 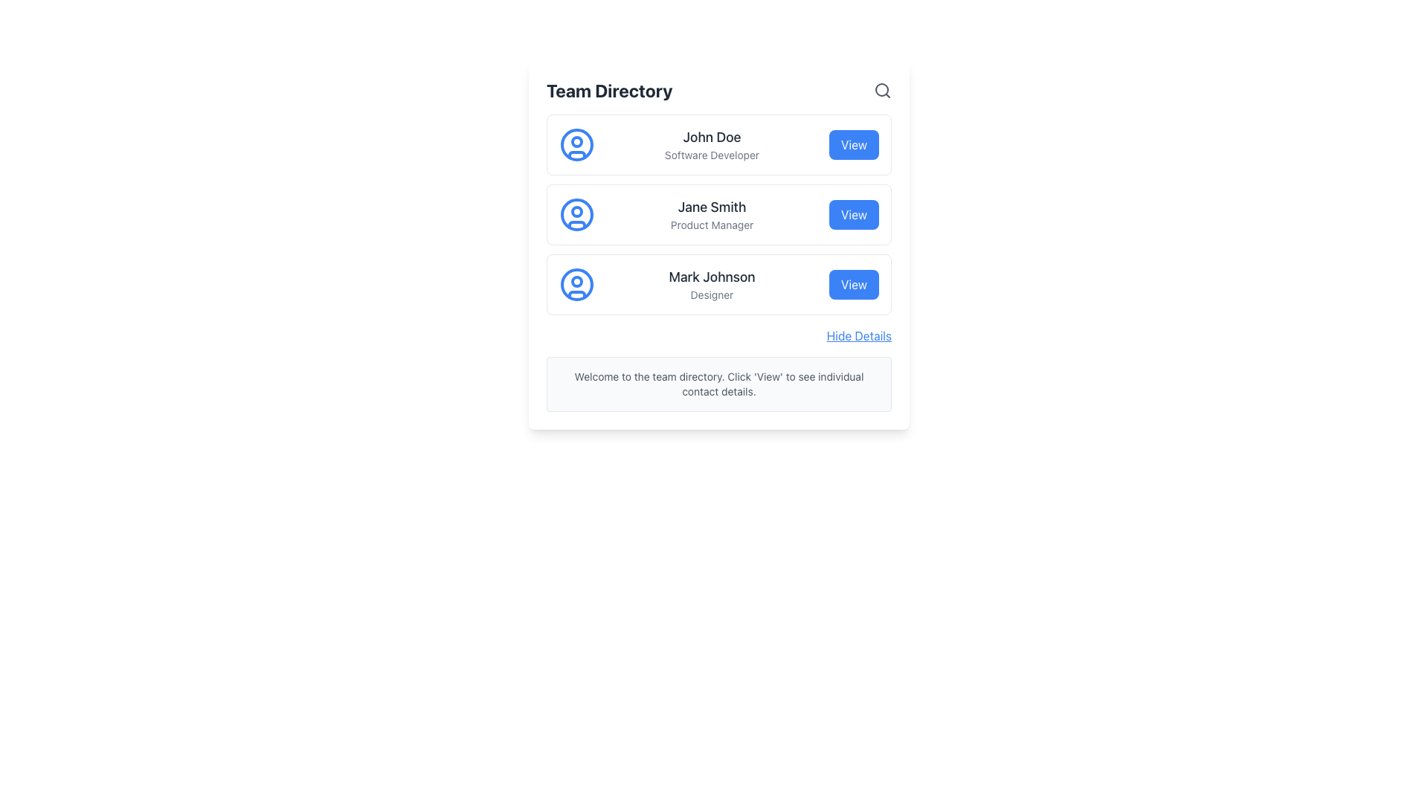 What do you see at coordinates (711, 215) in the screenshot?
I see `the text display element that shows the name and role of the second team member in the card layout, positioned between the user avatar icon and the 'View' button` at bounding box center [711, 215].